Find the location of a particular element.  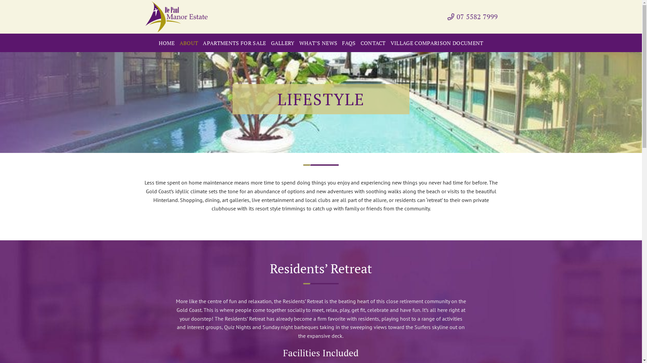

'De Paul Manor Estate - Retirement Village' is located at coordinates (178, 16).